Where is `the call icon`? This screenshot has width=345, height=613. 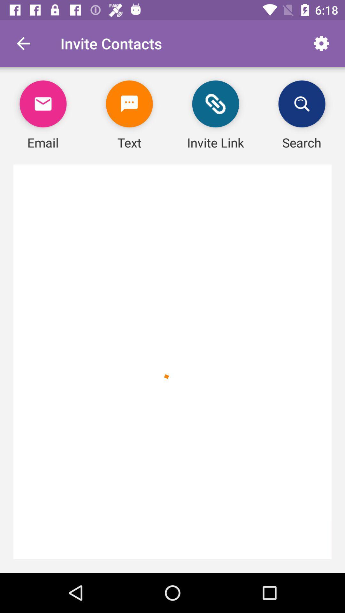
the call icon is located at coordinates (216, 104).